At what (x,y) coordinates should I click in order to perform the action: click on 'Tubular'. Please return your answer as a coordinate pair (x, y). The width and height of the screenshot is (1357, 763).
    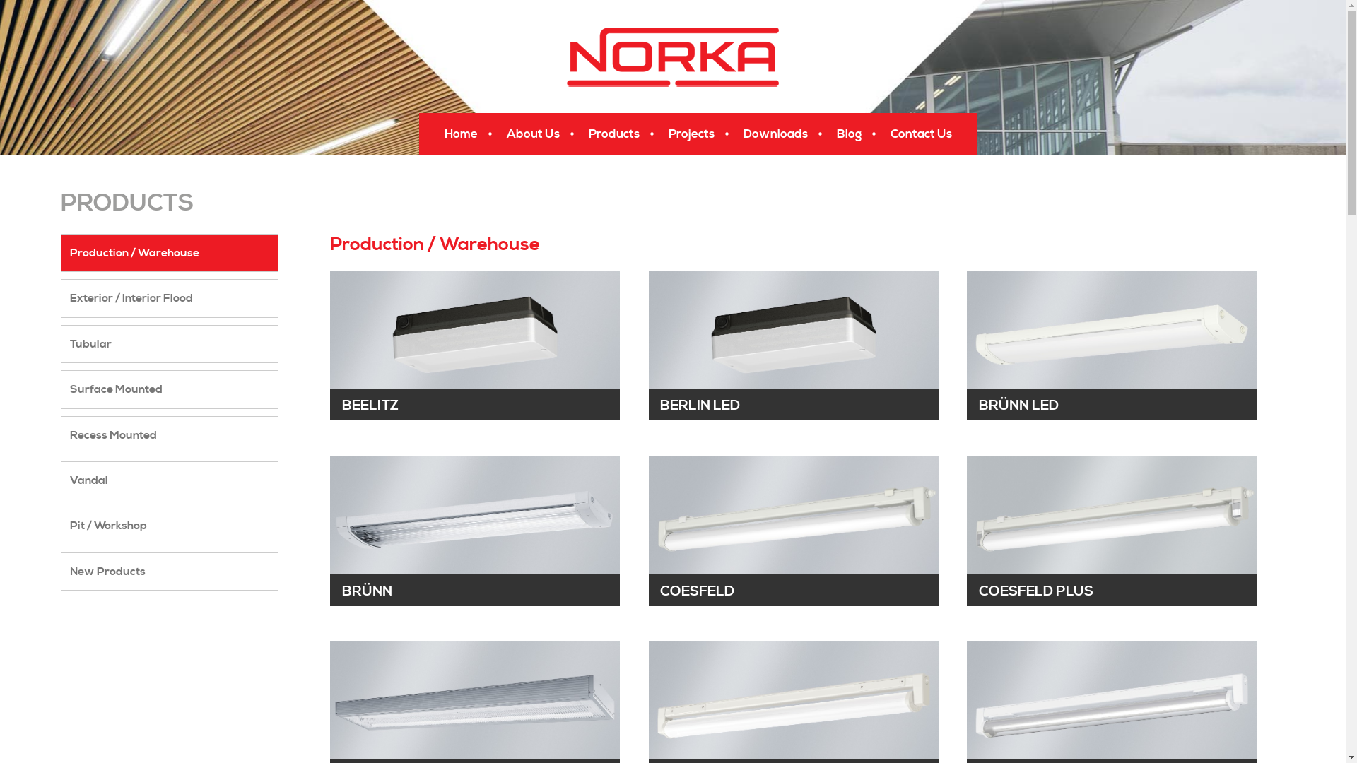
    Looking at the image, I should click on (170, 343).